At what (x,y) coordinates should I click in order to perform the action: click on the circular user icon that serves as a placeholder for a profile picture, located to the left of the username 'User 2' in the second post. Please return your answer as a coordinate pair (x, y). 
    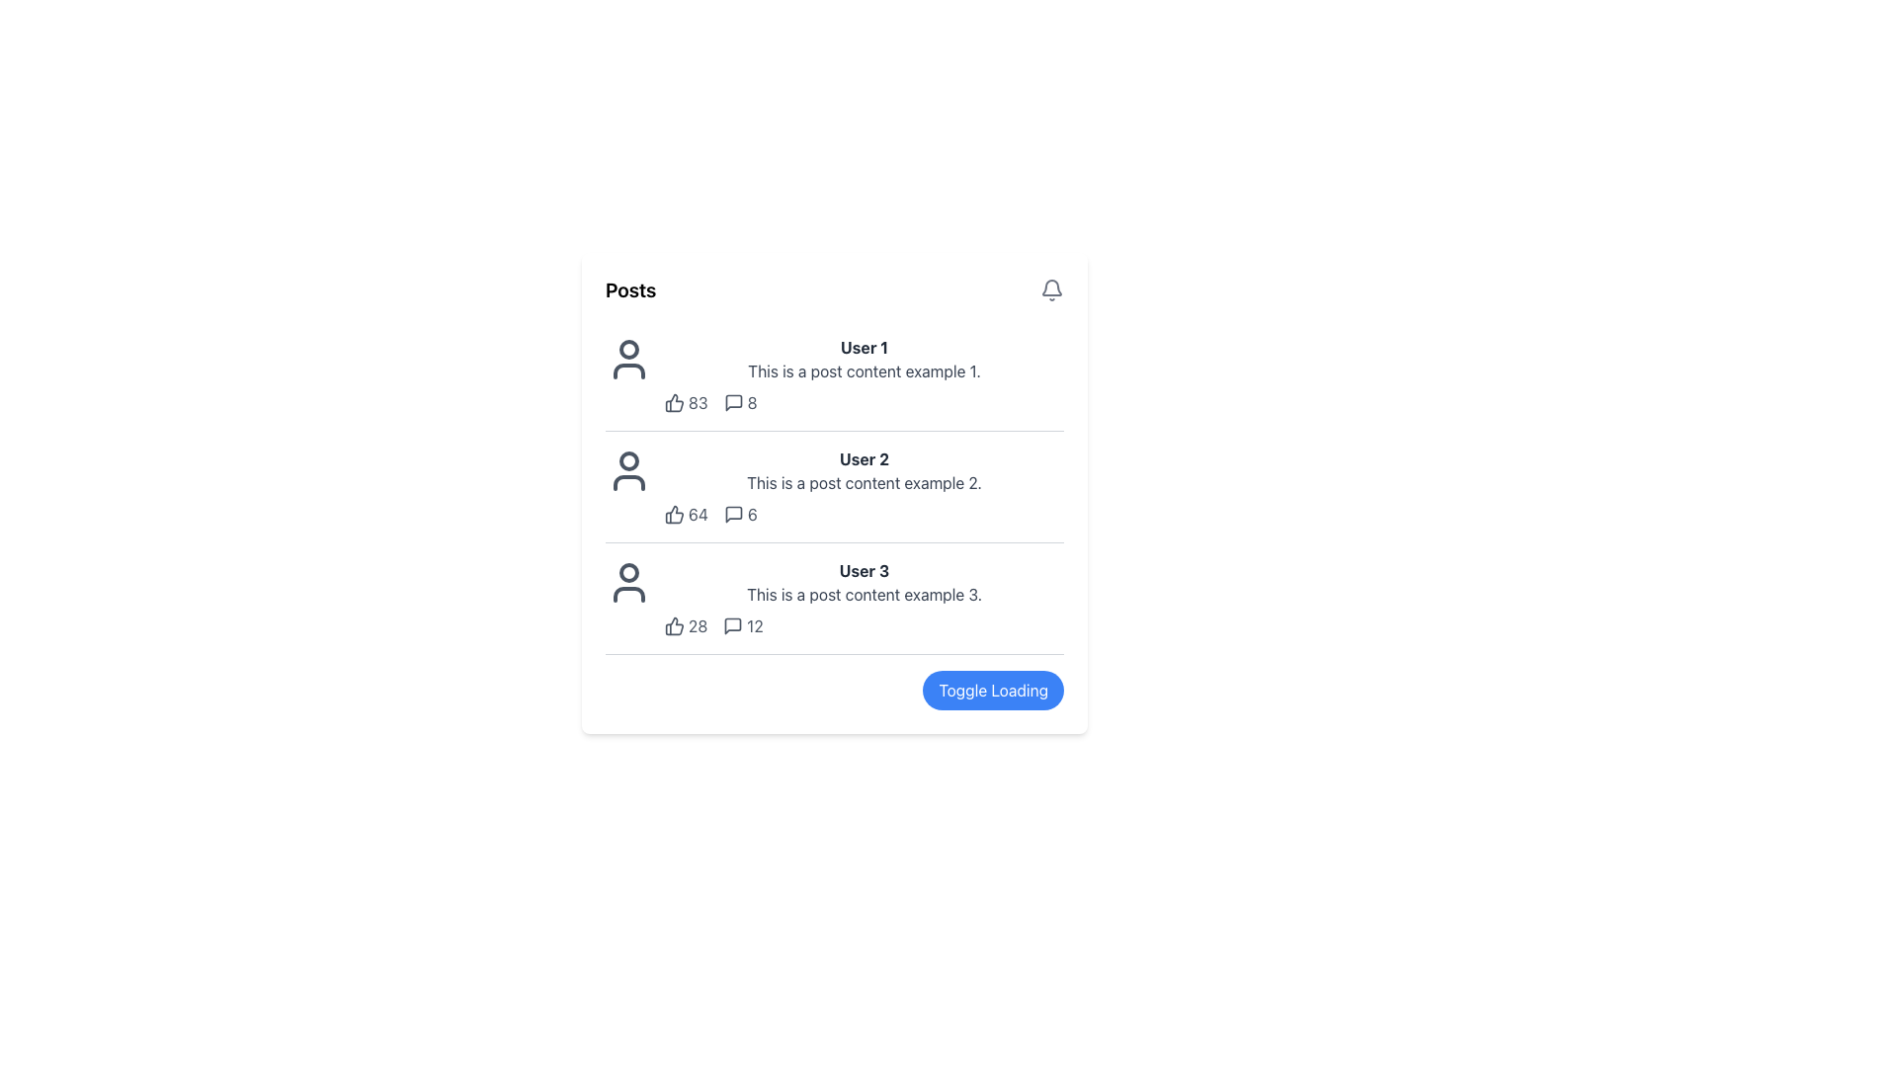
    Looking at the image, I should click on (628, 471).